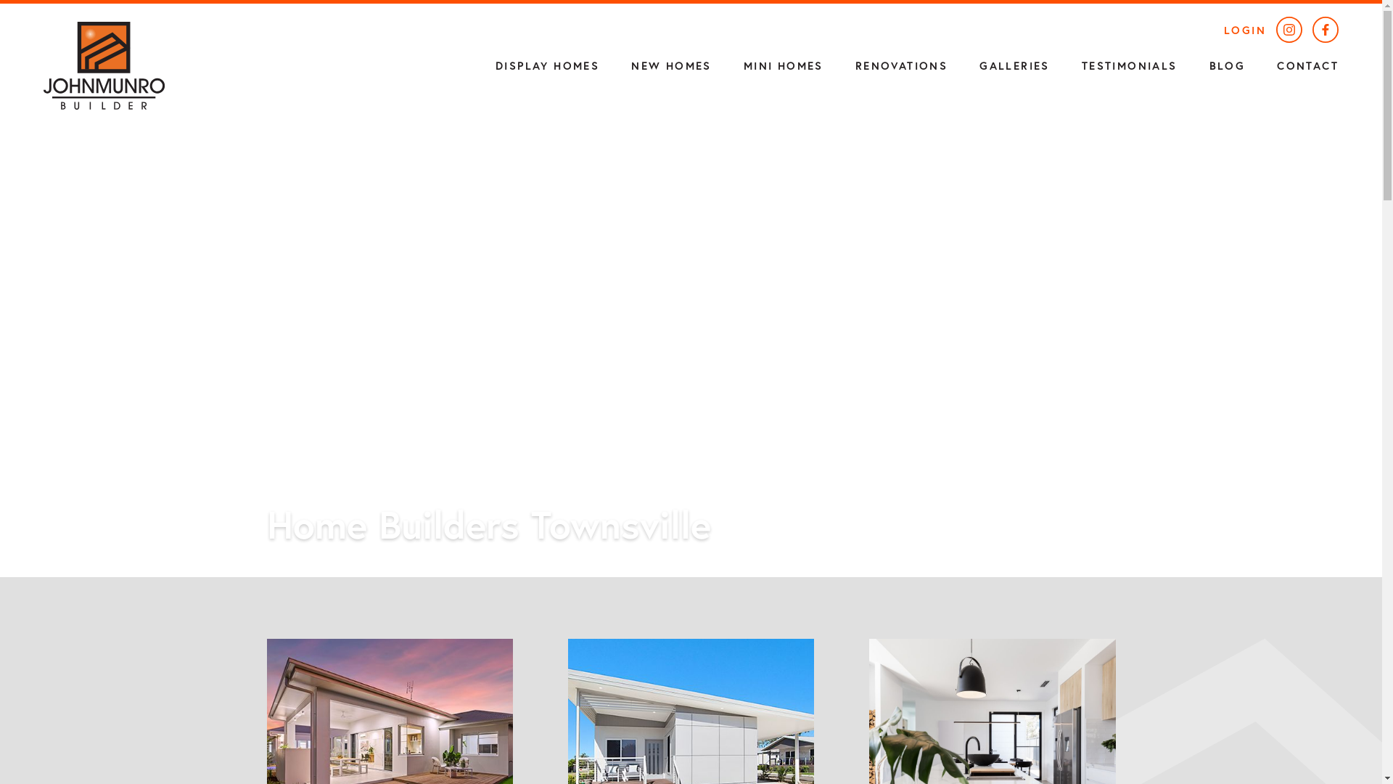 The height and width of the screenshot is (784, 1393). I want to click on 'LOGIN', so click(1244, 30).